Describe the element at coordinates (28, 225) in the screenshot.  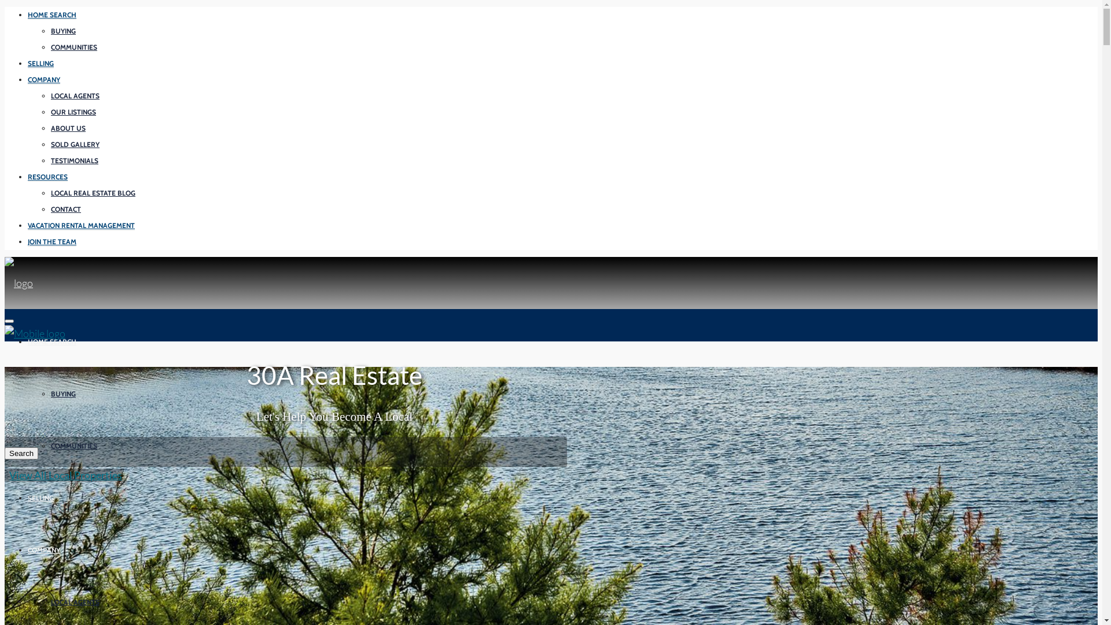
I see `'VACATION RENTAL MANAGEMENT'` at that location.